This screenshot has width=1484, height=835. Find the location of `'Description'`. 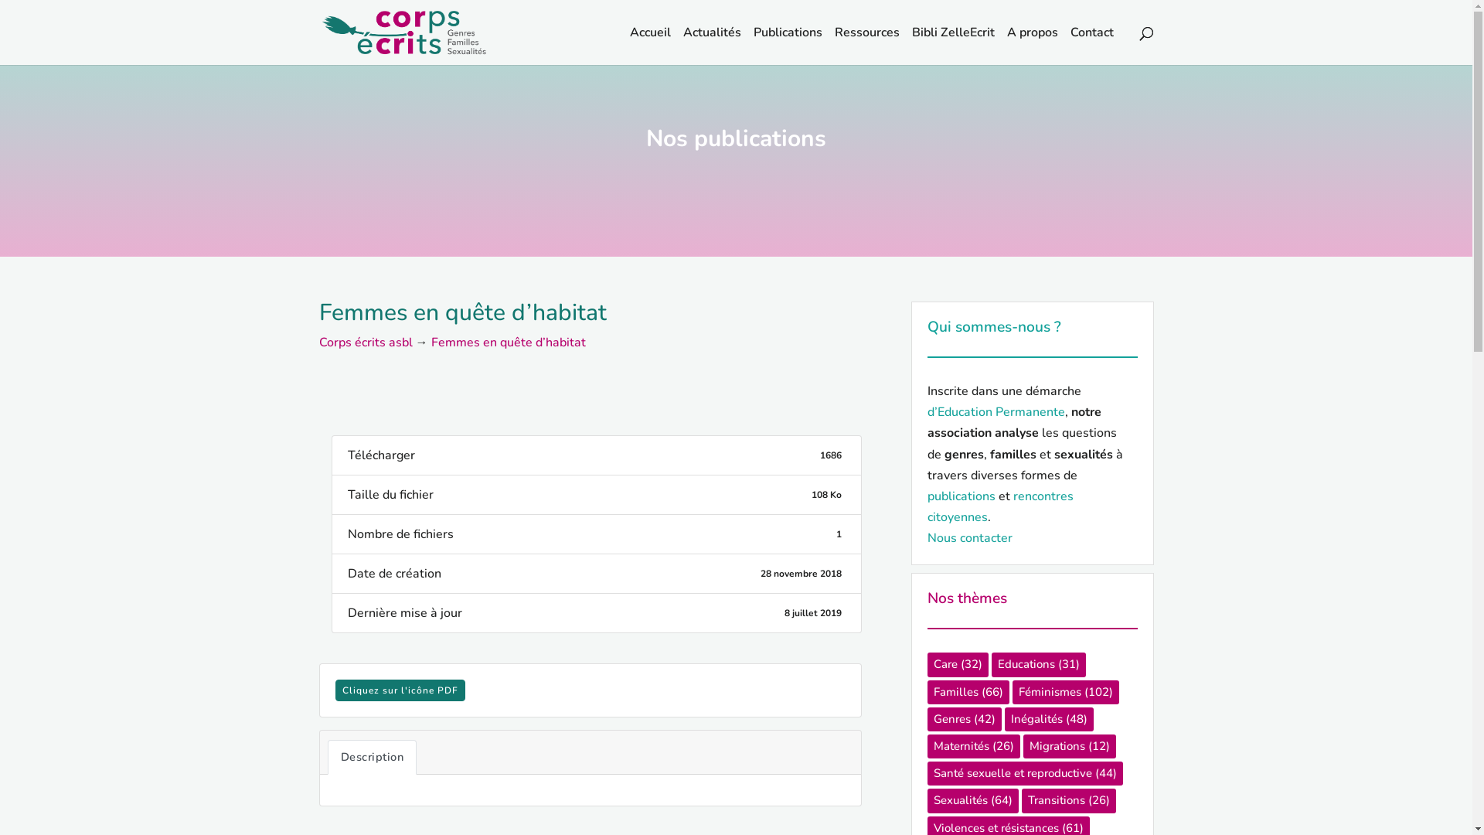

'Description' is located at coordinates (372, 756).